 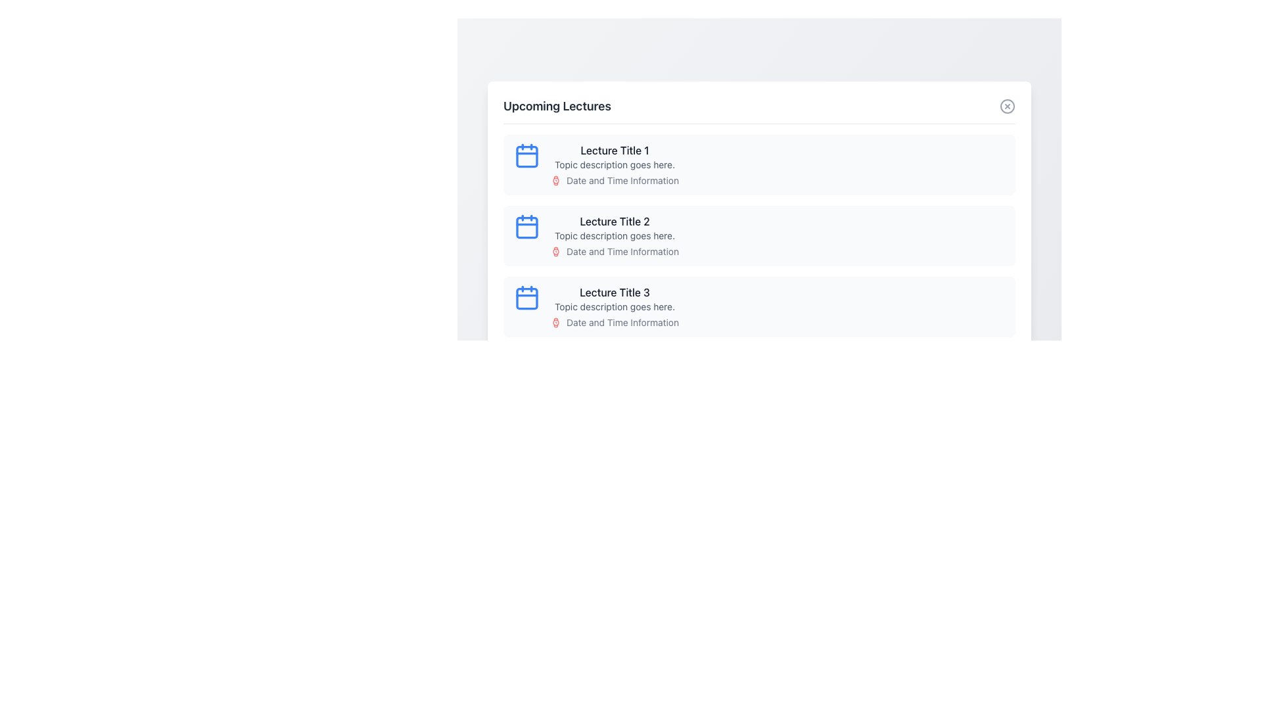 I want to click on text content of the Text label that displays 'Date and Time Information', which is part of a description block in a section listing lectures, located below 'Lecture Title 2', so click(x=622, y=251).